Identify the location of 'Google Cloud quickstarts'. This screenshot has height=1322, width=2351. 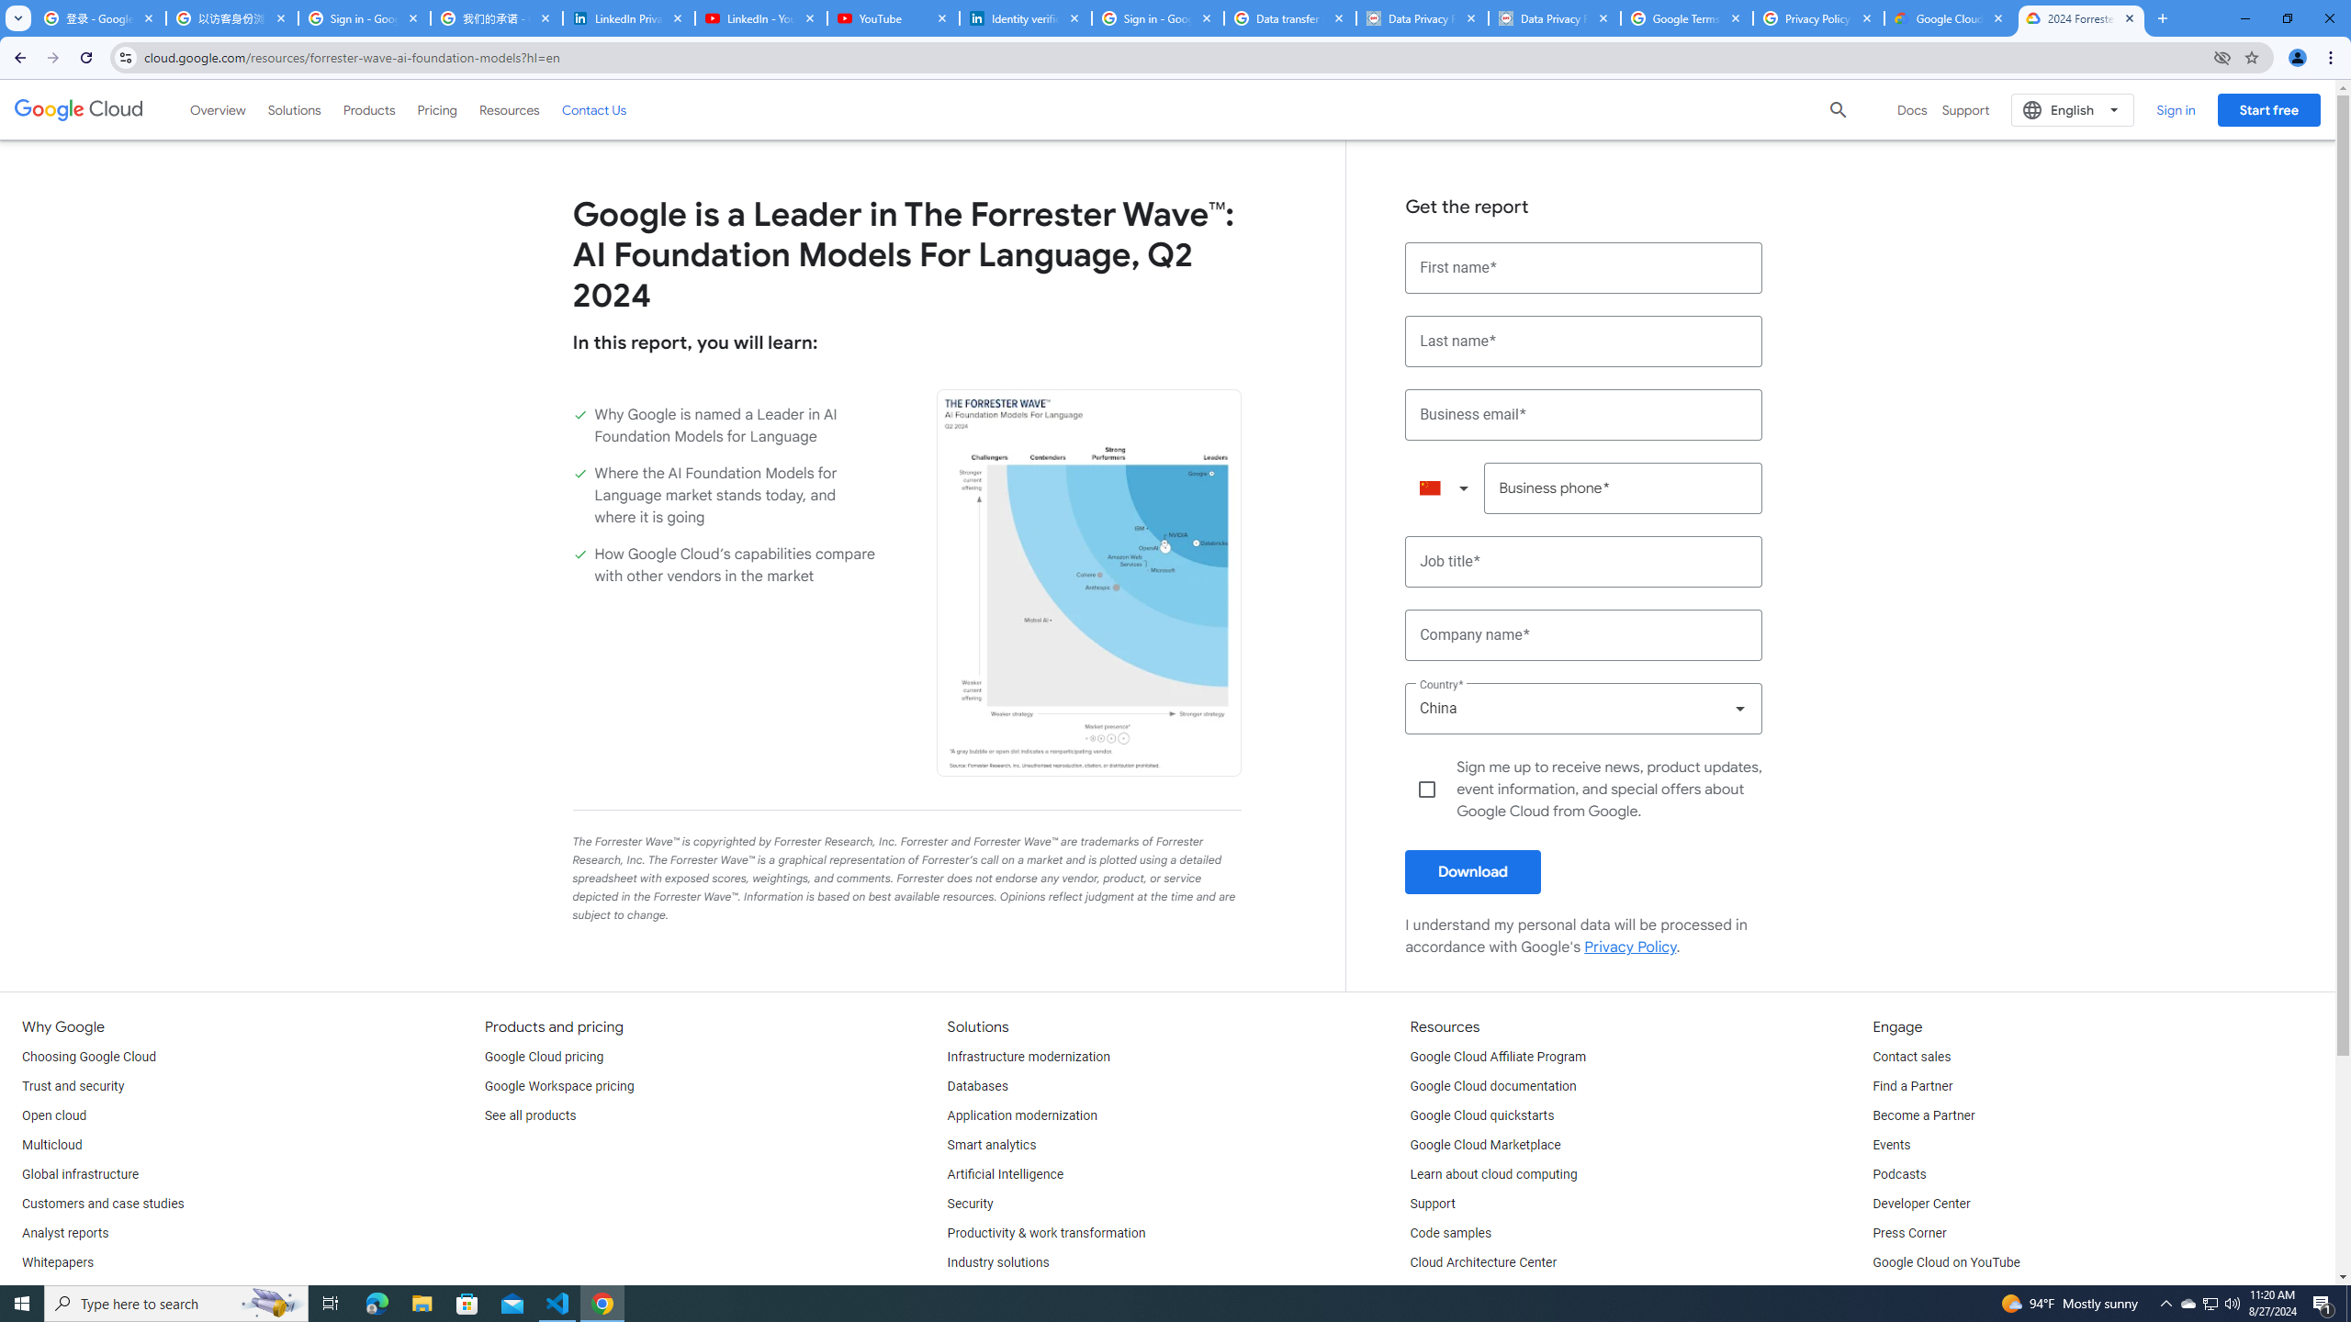
(1482, 1115).